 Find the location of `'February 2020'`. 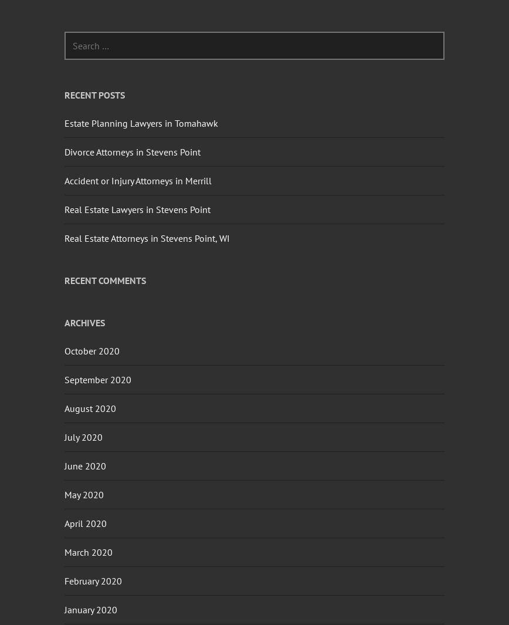

'February 2020' is located at coordinates (64, 580).